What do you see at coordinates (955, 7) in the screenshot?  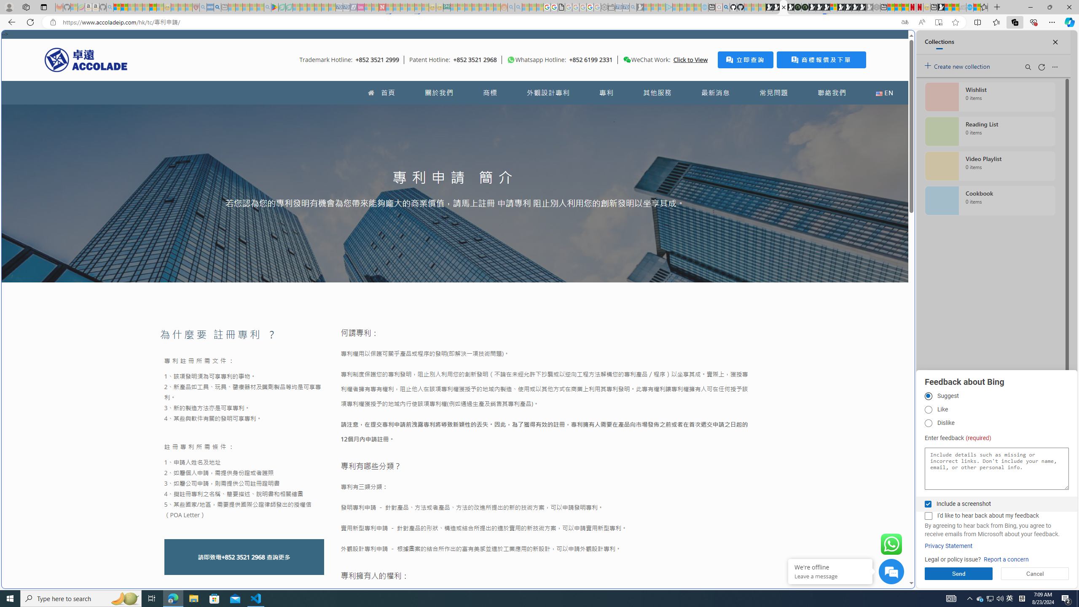 I see `'Earth has six continents not seven, radical new study claims'` at bounding box center [955, 7].